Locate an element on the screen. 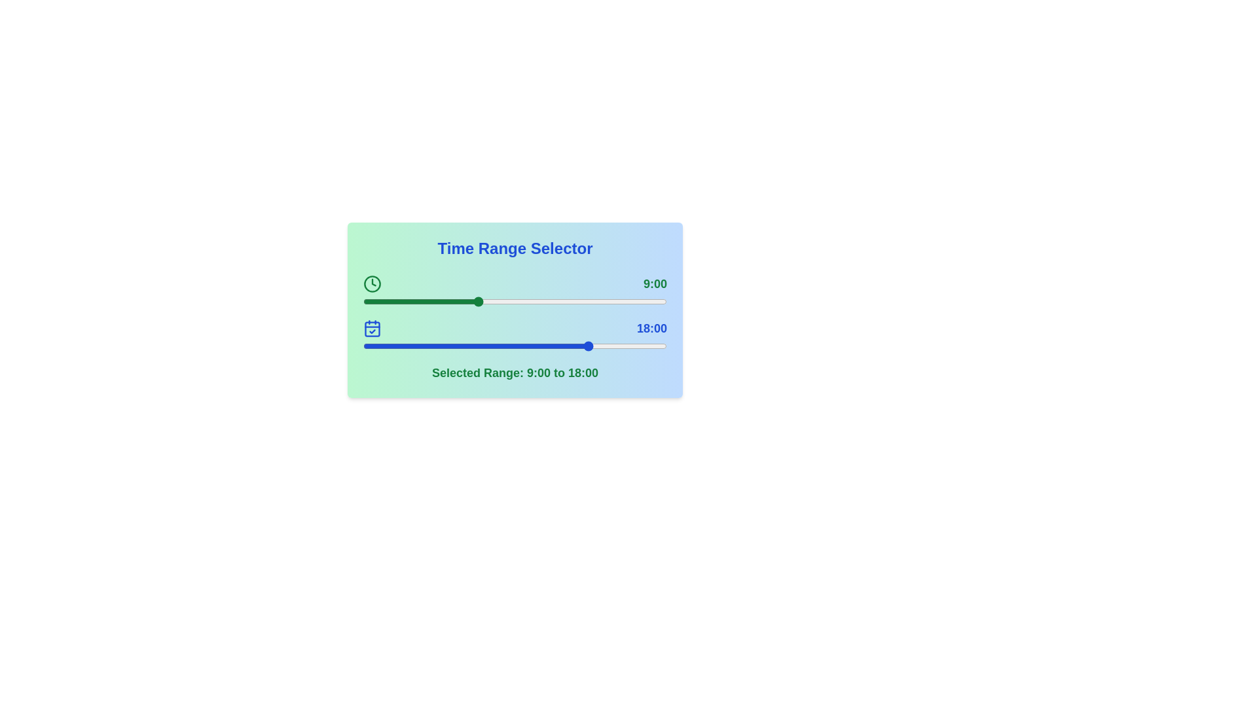  the icon located to the left of the numeric time display '9:00' is located at coordinates (372, 283).